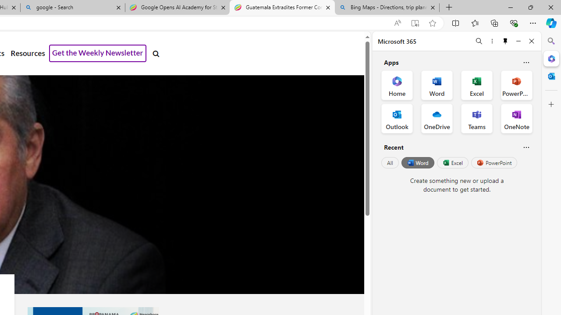  I want to click on 'Outlook Office App', so click(397, 119).